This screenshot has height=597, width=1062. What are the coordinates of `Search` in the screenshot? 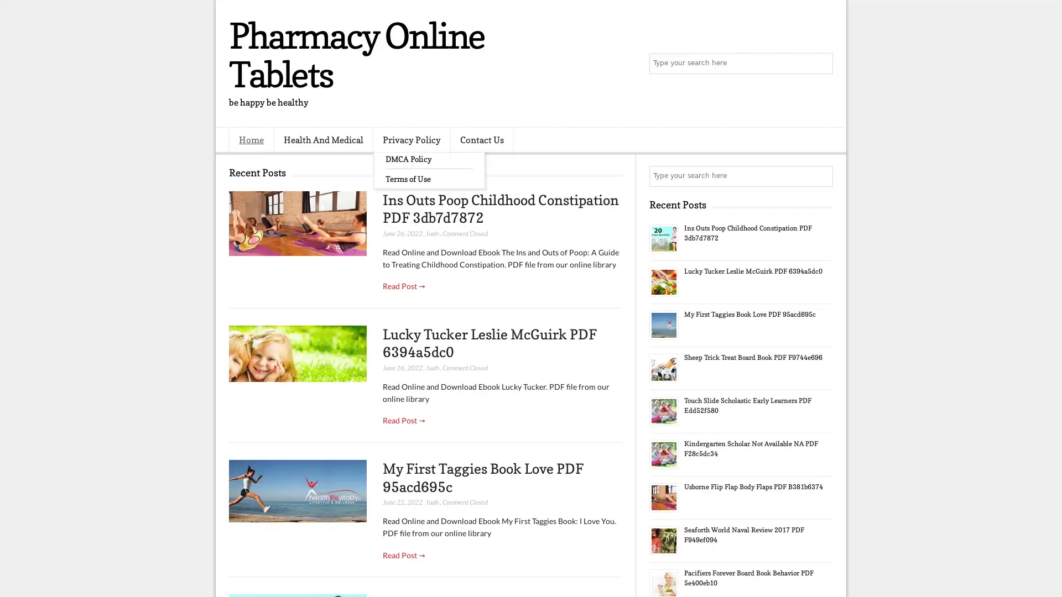 It's located at (821, 176).